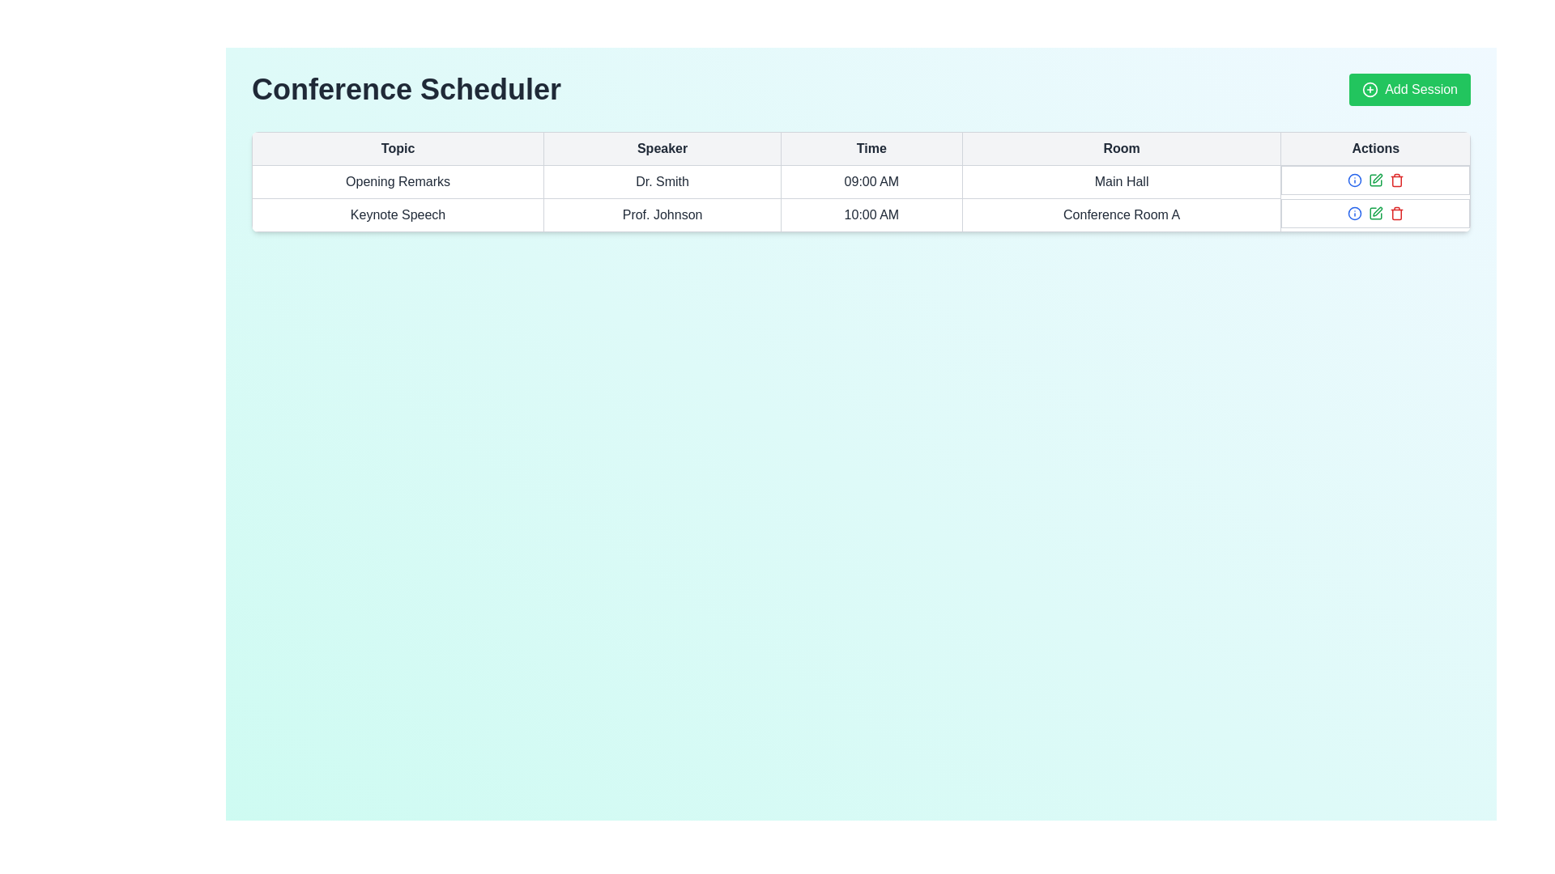 Image resolution: width=1555 pixels, height=874 pixels. Describe the element at coordinates (1354, 180) in the screenshot. I see `the small blue circular icon with an 'i' in the center located in the 'Actions' column of the second row in the table associated with 'Conference Room A'` at that location.